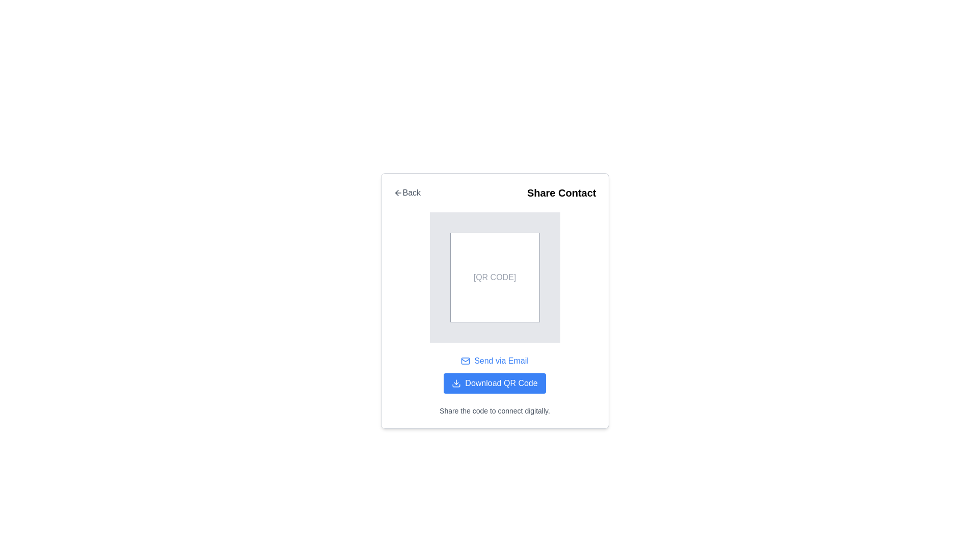  What do you see at coordinates (465, 361) in the screenshot?
I see `the small email icon styled as an envelope located directly to the left of the 'Send via Email' text` at bounding box center [465, 361].